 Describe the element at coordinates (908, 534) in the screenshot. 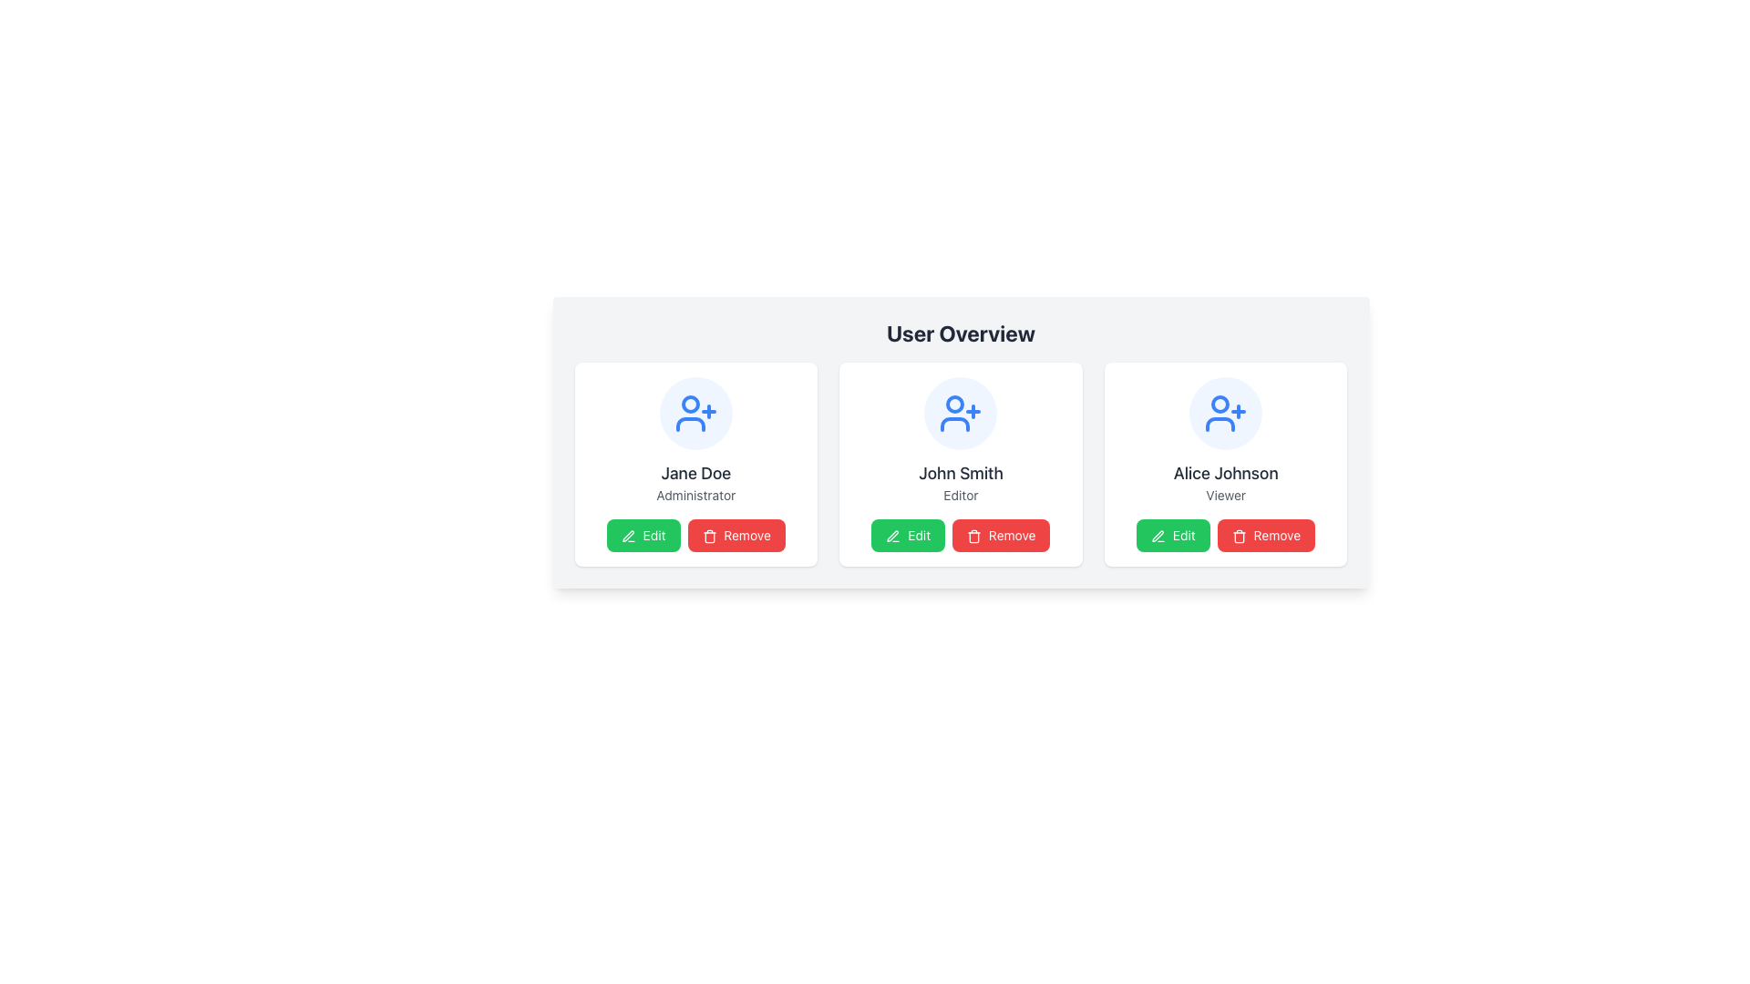

I see `the 'Edit' button associated with user 'John Smith' to observe the hover effects` at that location.